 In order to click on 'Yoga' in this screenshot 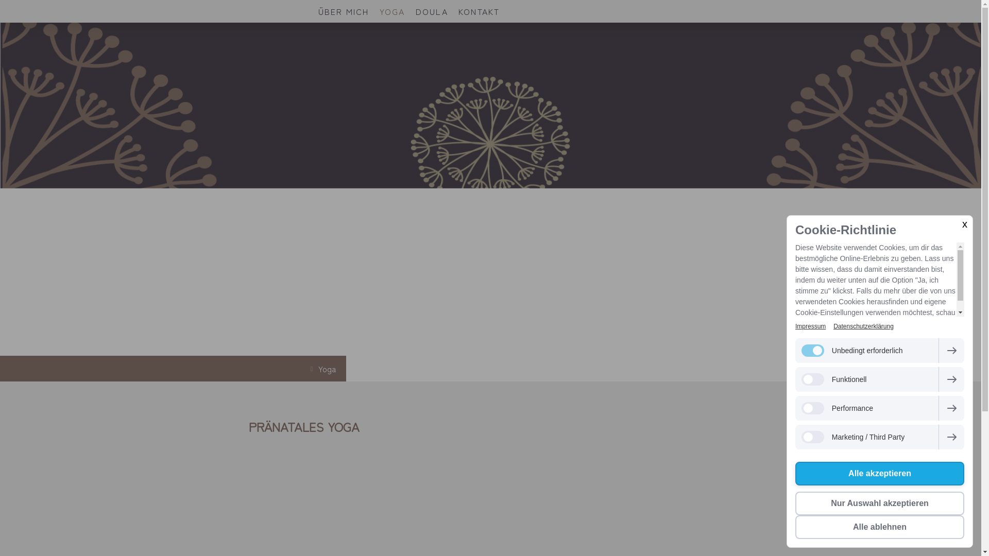, I will do `click(323, 368)`.